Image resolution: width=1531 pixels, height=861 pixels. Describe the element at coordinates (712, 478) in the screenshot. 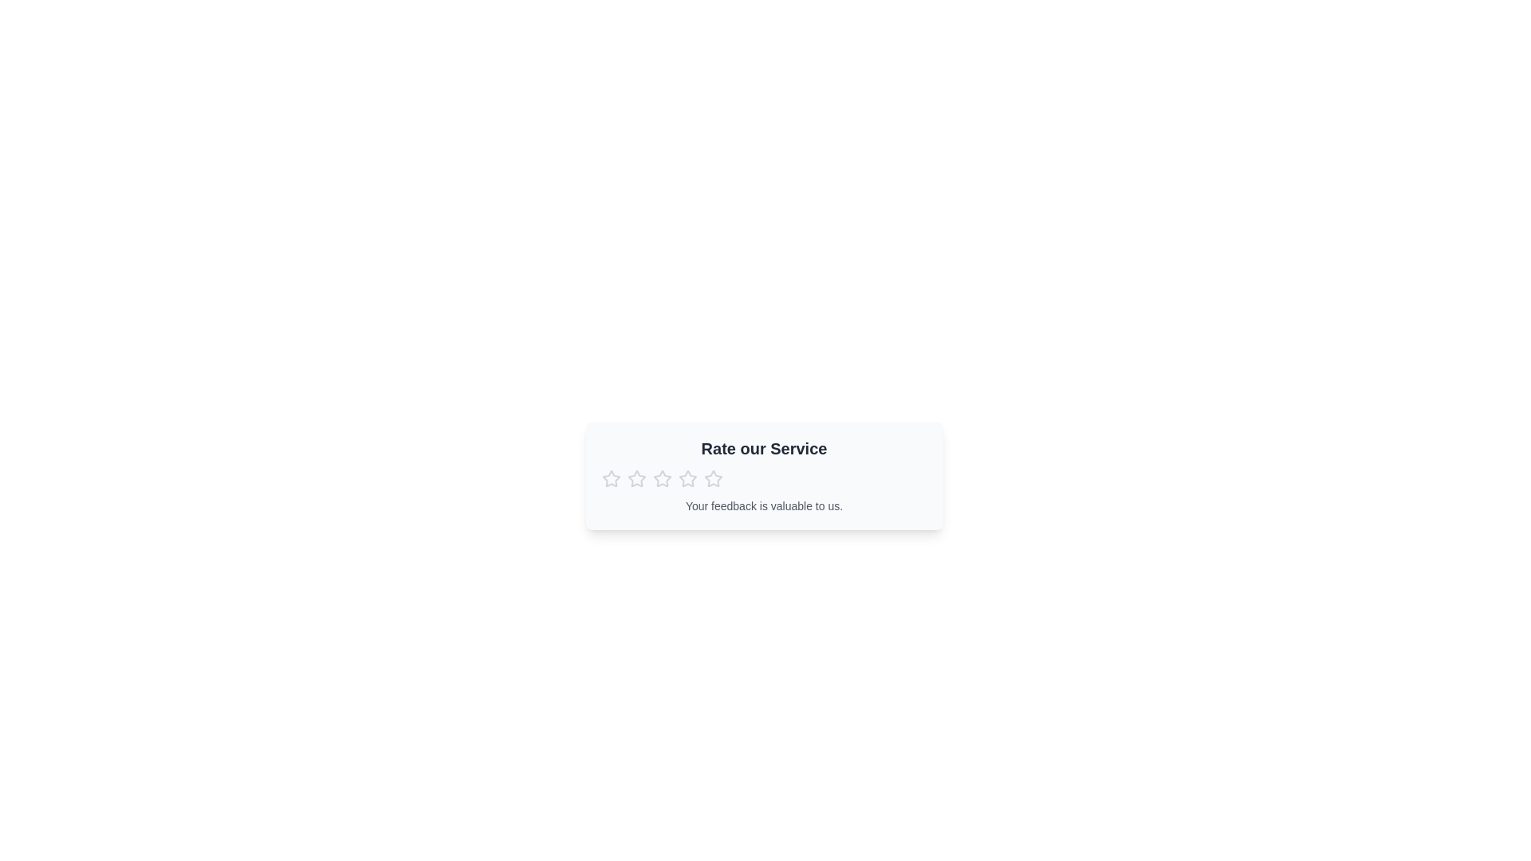

I see `the fourth star icon in the rating component` at that location.